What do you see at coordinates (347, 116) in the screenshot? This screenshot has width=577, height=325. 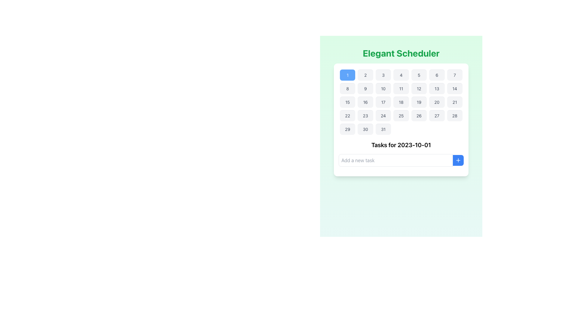 I see `the button displaying the number '22' to observe the background color change` at bounding box center [347, 116].